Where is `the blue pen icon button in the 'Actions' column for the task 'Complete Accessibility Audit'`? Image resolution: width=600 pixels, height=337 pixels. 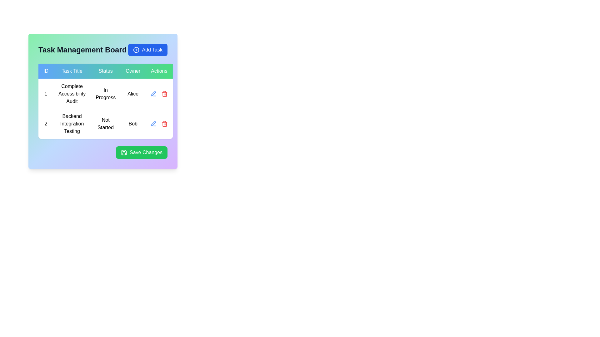 the blue pen icon button in the 'Actions' column for the task 'Complete Accessibility Audit' is located at coordinates (153, 124).